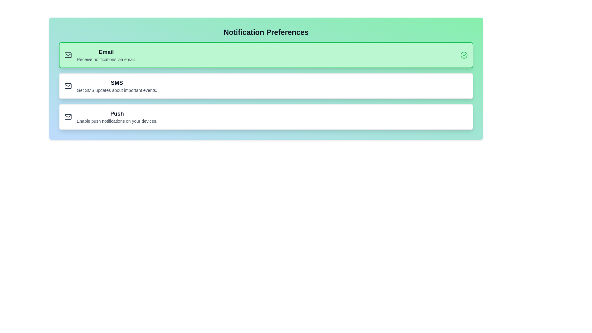 This screenshot has width=592, height=333. I want to click on the SVG rectangle that represents the body of the envelope icon within the 'Push' notification option, so click(68, 117).